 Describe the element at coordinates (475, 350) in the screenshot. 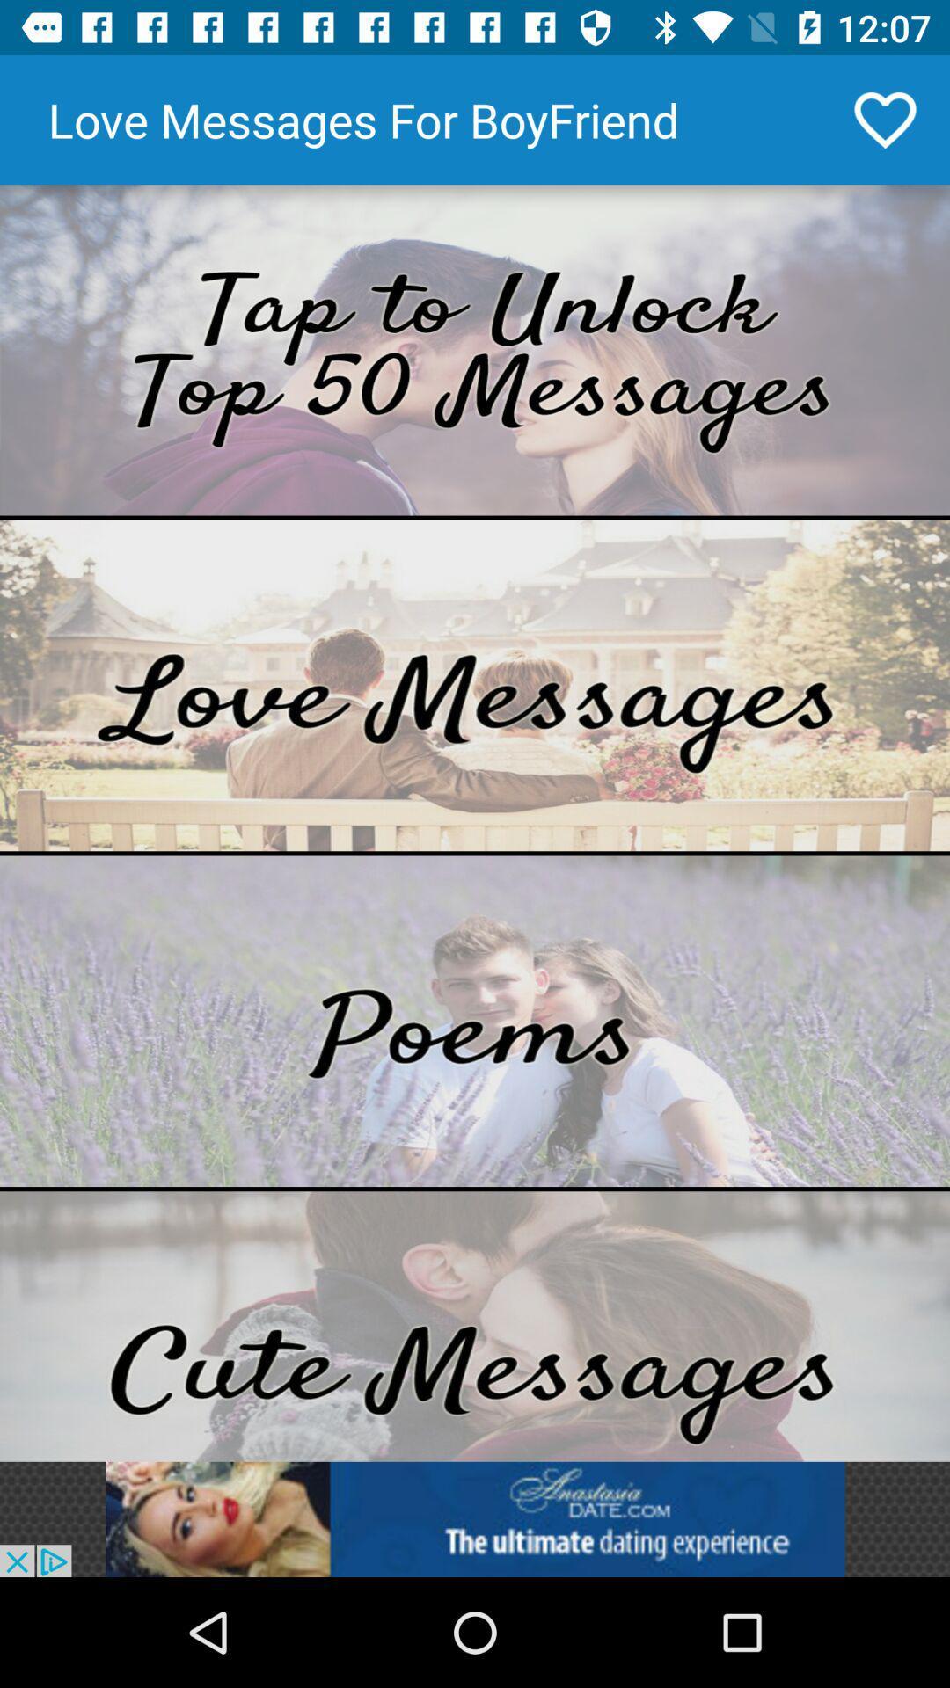

I see `unlock more messages` at that location.